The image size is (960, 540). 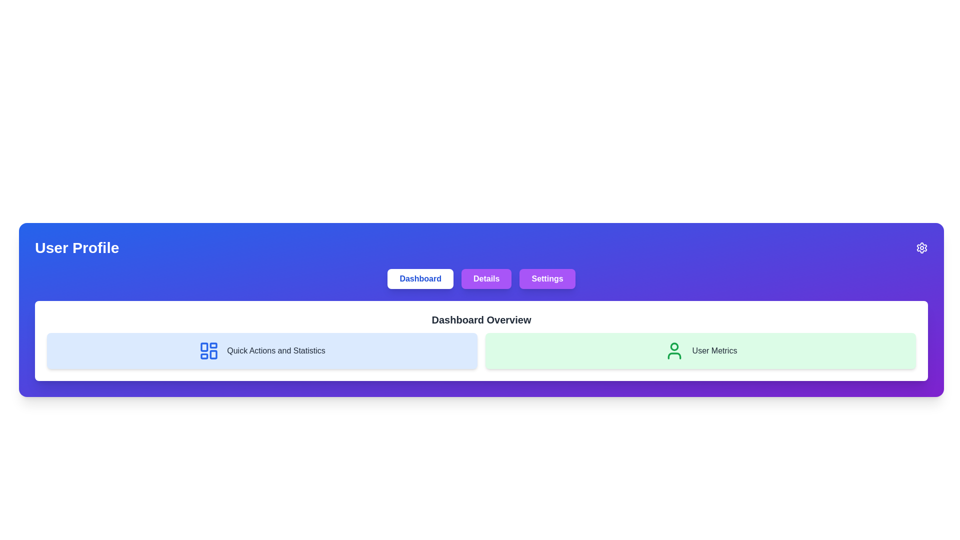 I want to click on the settings icon located at the top-right corner of the interface to show the context menu, so click(x=921, y=247).